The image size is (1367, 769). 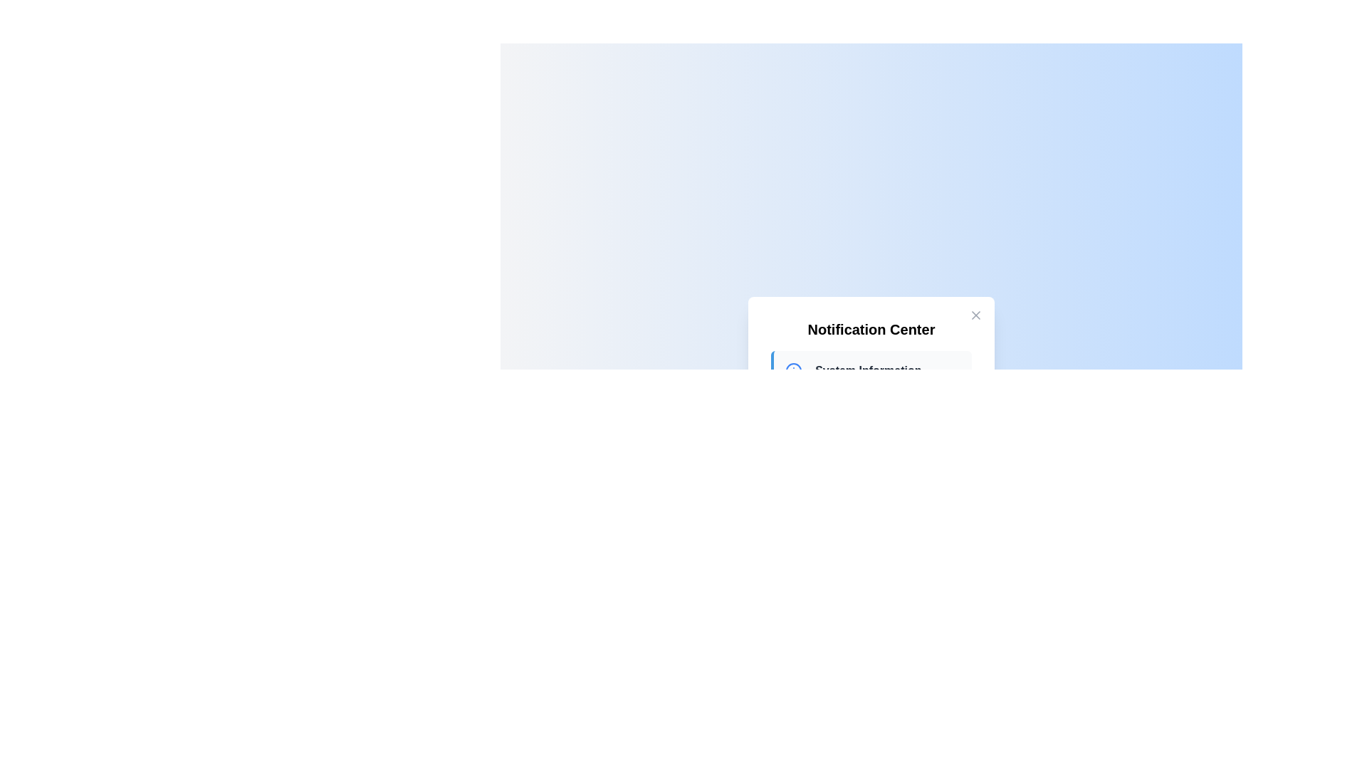 I want to click on the icon that serves as a visual indicator for user-relevant information, located to the left of the 'System Information' text in the notification panel, so click(x=792, y=370).